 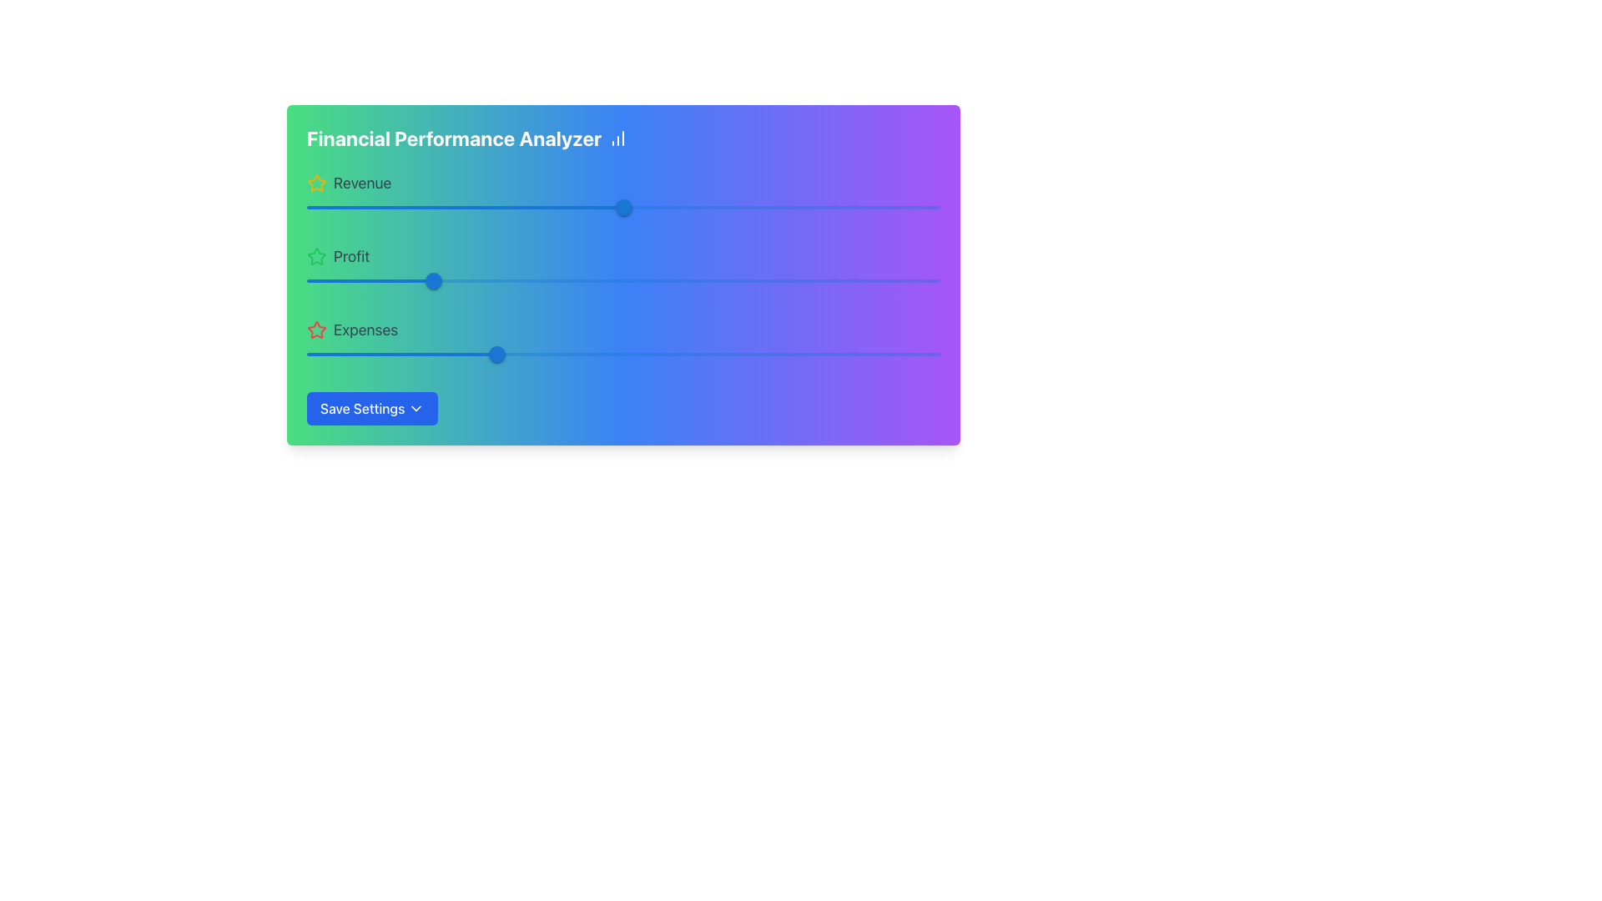 I want to click on slider value, so click(x=427, y=279).